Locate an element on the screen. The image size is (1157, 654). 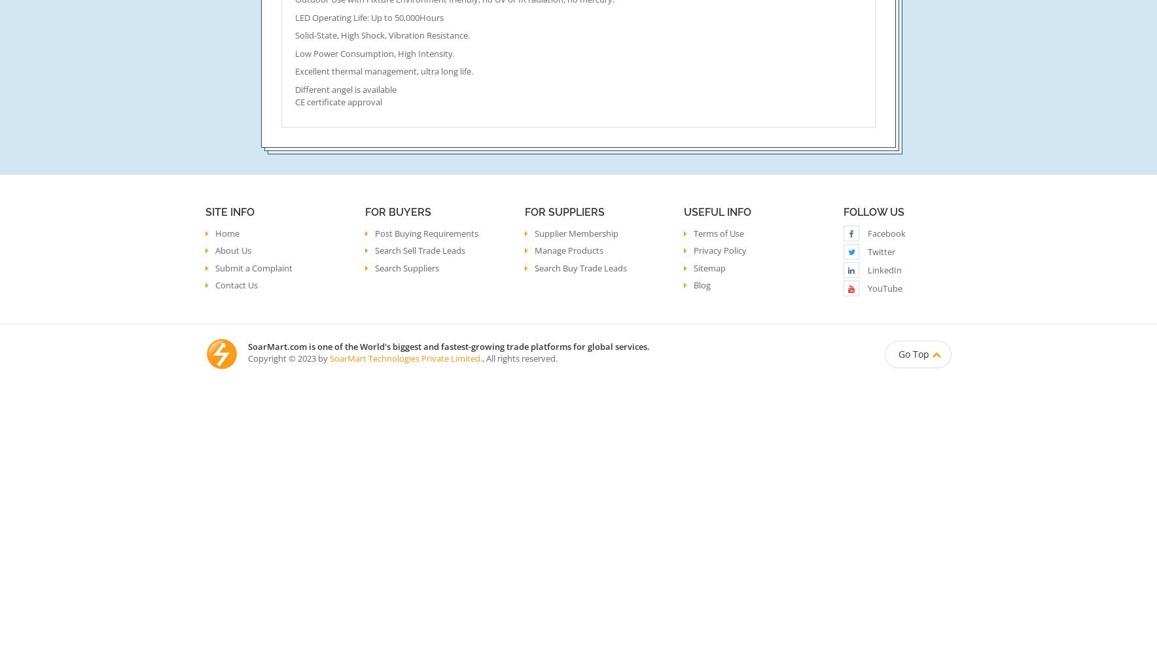
'Go Top' is located at coordinates (913, 353).